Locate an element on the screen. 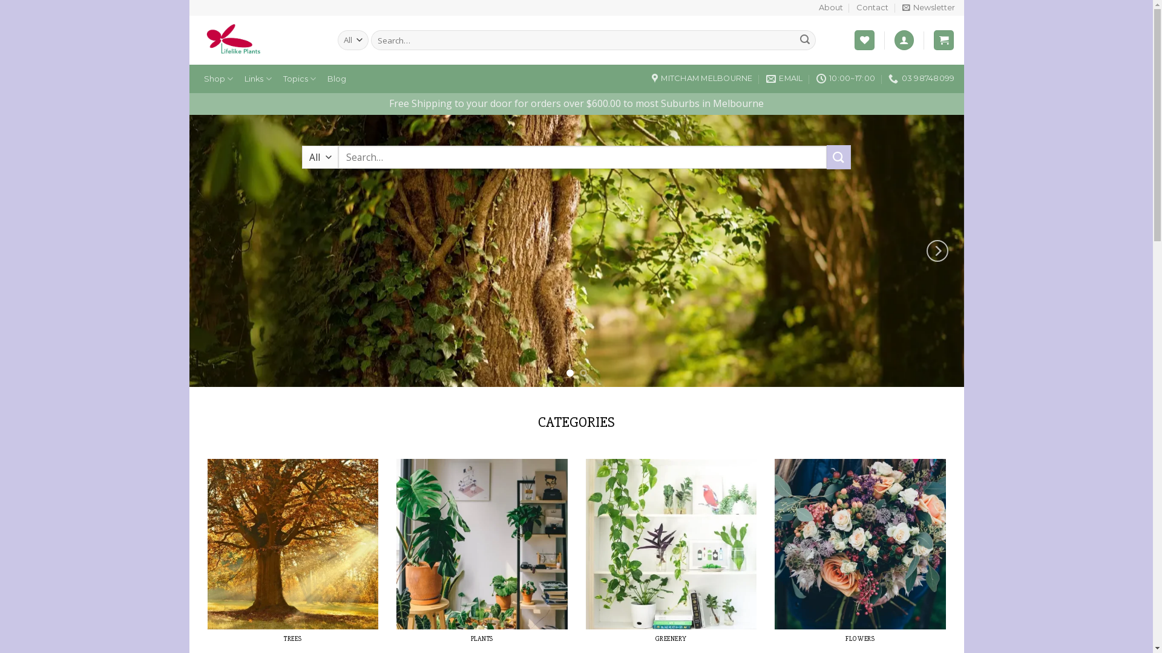  'Shop' is located at coordinates (198, 79).